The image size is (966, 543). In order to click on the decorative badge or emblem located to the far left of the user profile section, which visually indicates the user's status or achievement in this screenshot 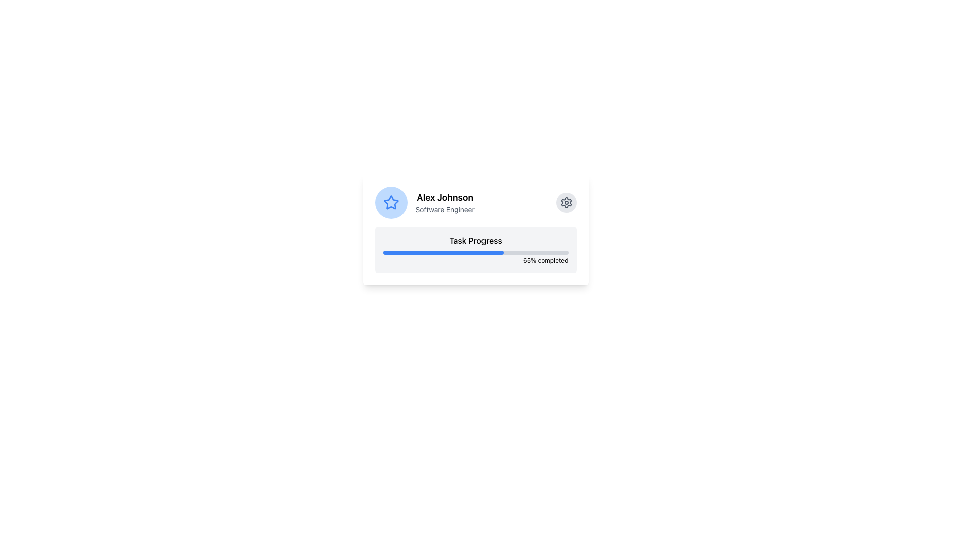, I will do `click(390, 202)`.